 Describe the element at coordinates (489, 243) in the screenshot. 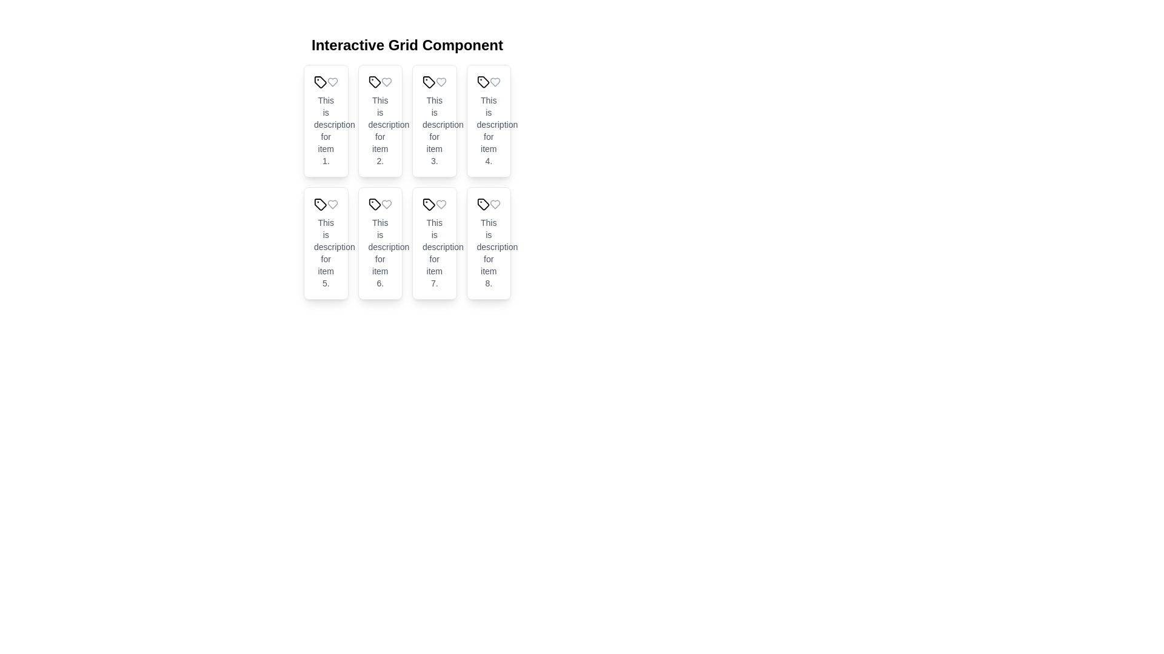

I see `the eighth tile in the grid structure` at that location.